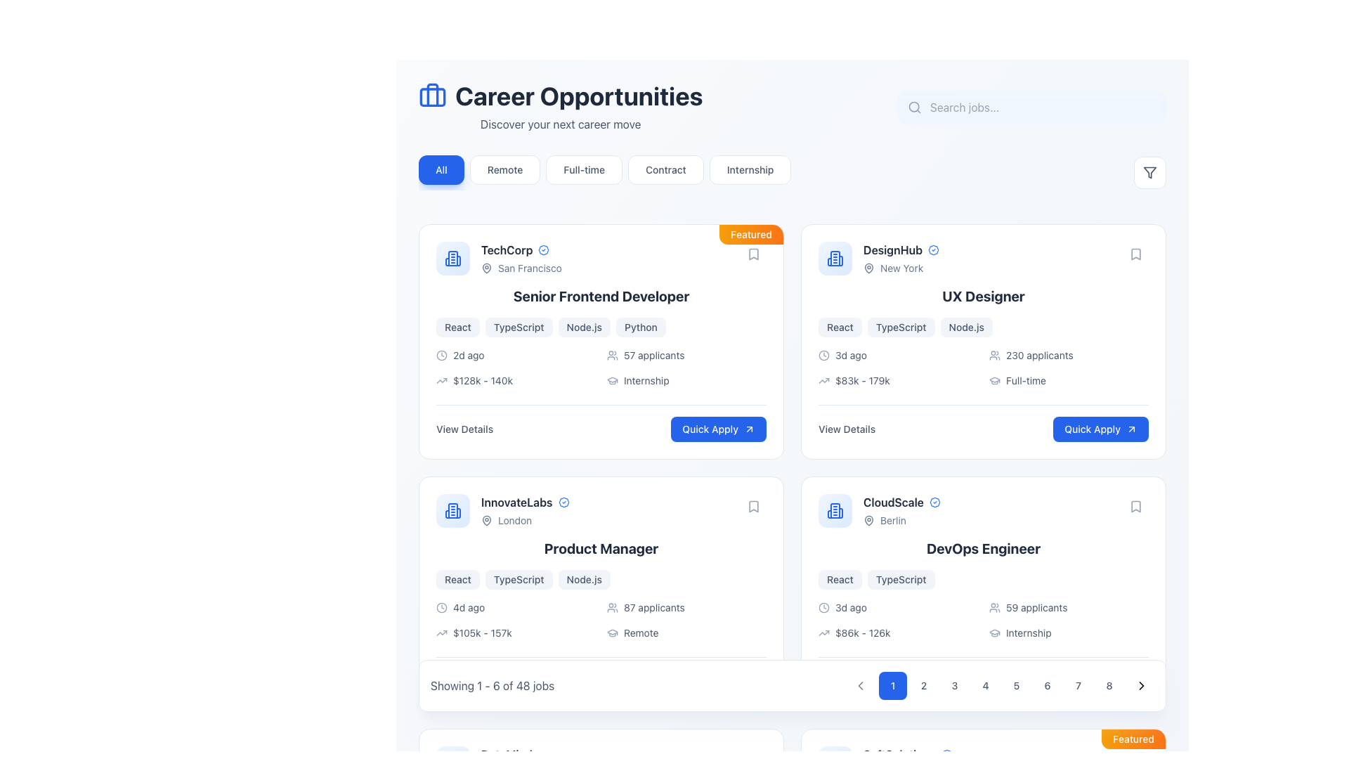 The image size is (1349, 759). I want to click on the icon that visually represents the number of applicants for the job listing titled 'CloudScale' under the role 'DevOps Engineer', located right before the text '59 applicants', so click(994, 606).